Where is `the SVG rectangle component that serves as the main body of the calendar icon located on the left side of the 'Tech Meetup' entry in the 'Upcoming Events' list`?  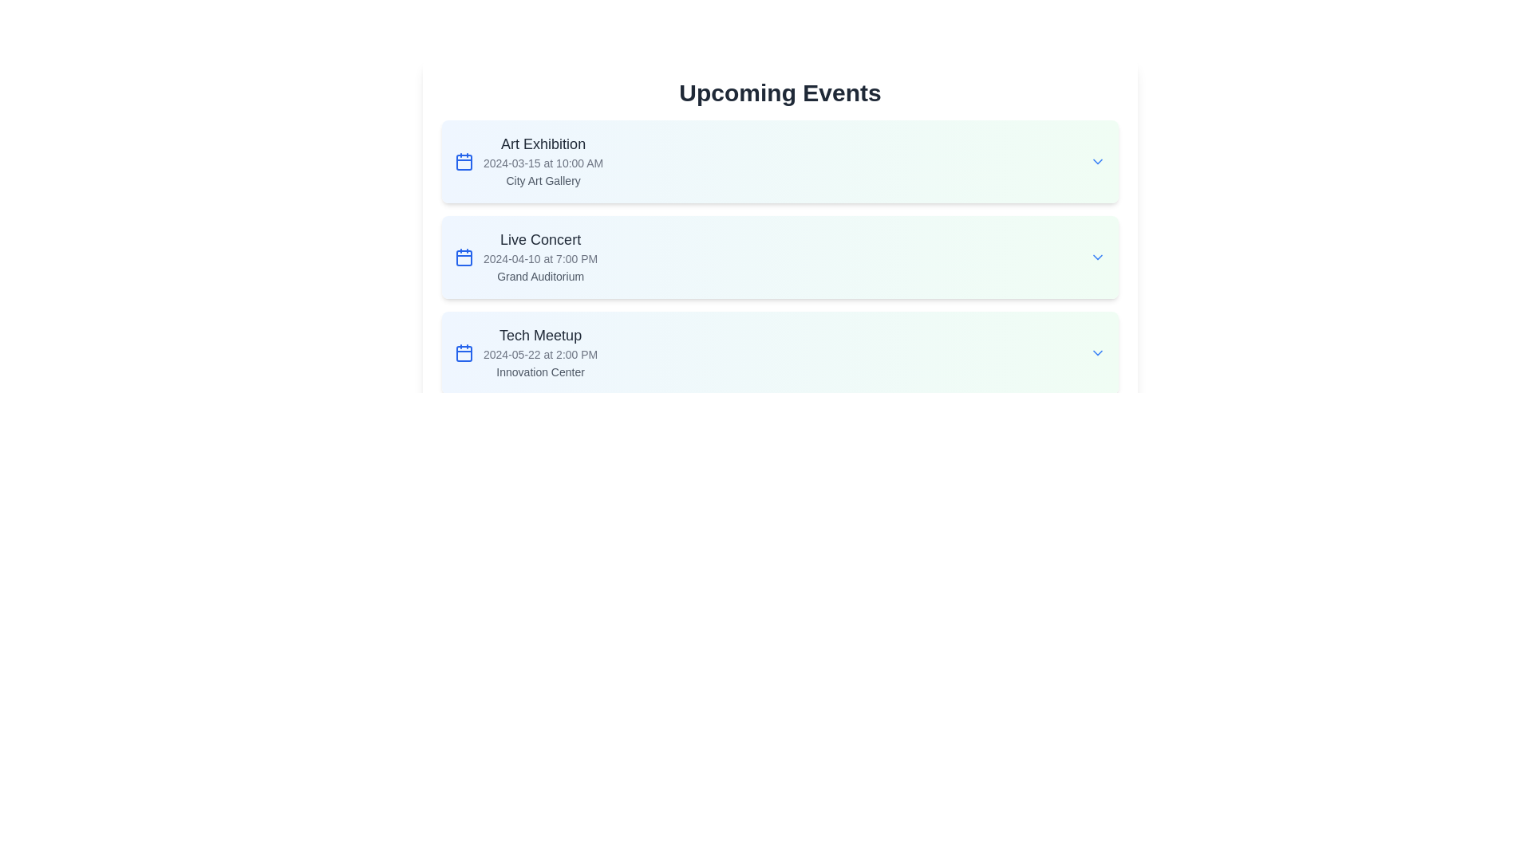 the SVG rectangle component that serves as the main body of the calendar icon located on the left side of the 'Tech Meetup' entry in the 'Upcoming Events' list is located at coordinates (463, 352).